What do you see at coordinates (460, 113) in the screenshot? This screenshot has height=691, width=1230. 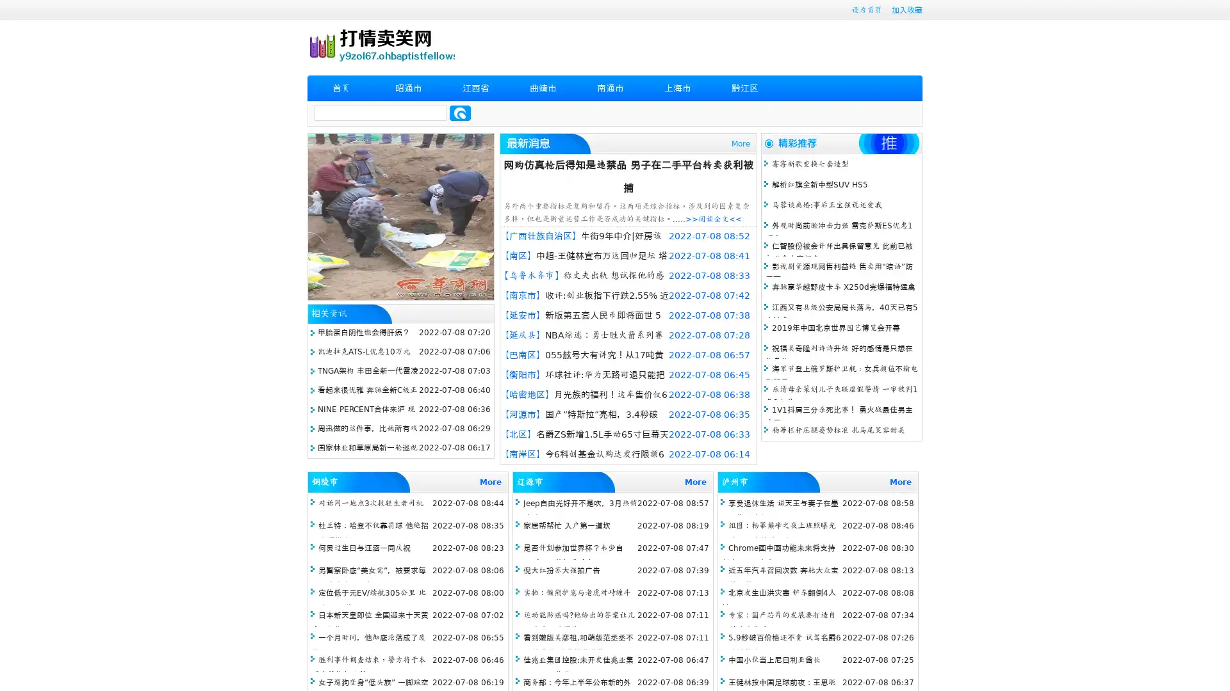 I see `Search` at bounding box center [460, 113].